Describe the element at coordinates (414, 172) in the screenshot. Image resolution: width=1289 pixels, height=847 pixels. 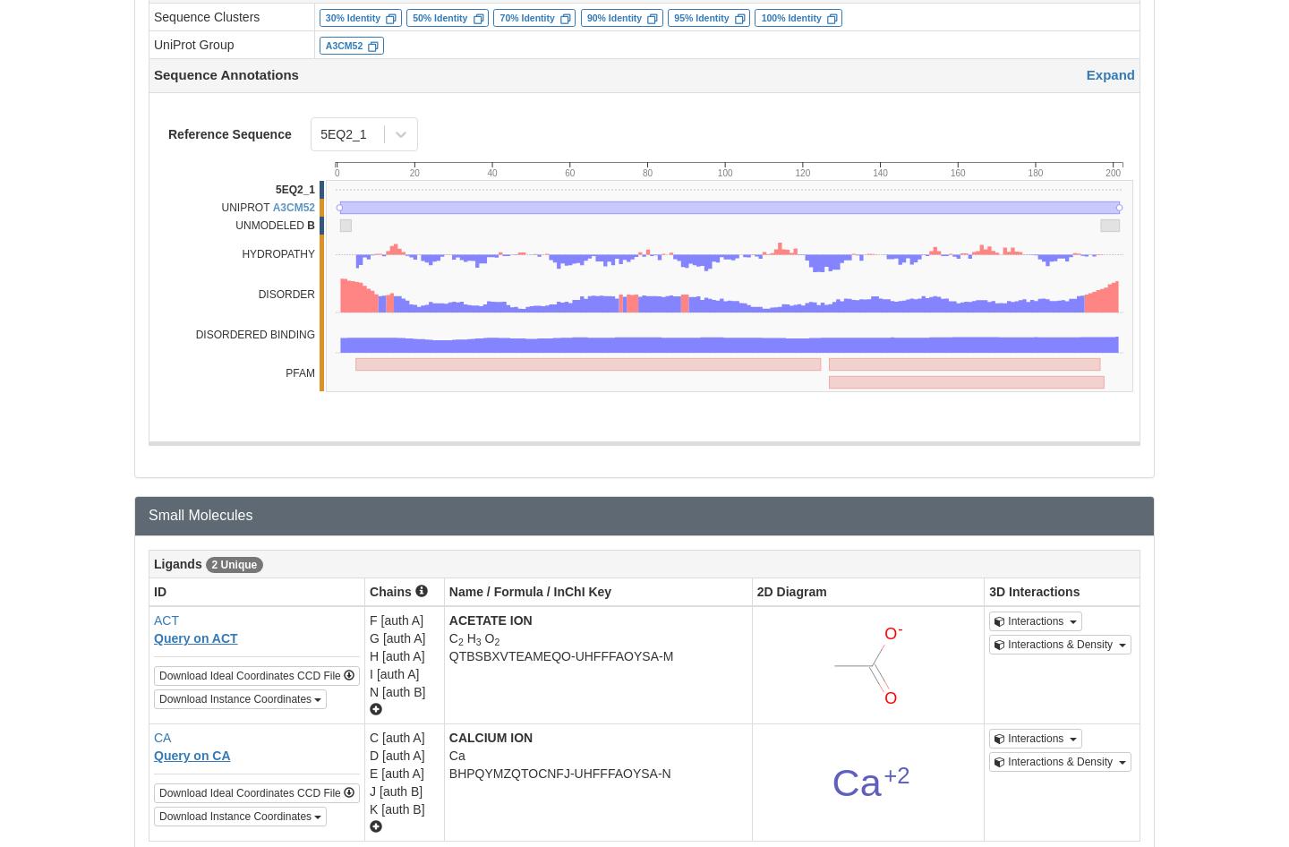
I see `'20'` at that location.